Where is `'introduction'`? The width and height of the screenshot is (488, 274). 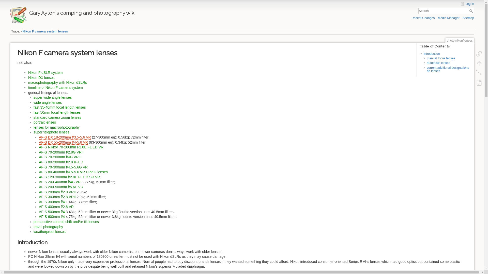
'introduction' is located at coordinates (431, 54).